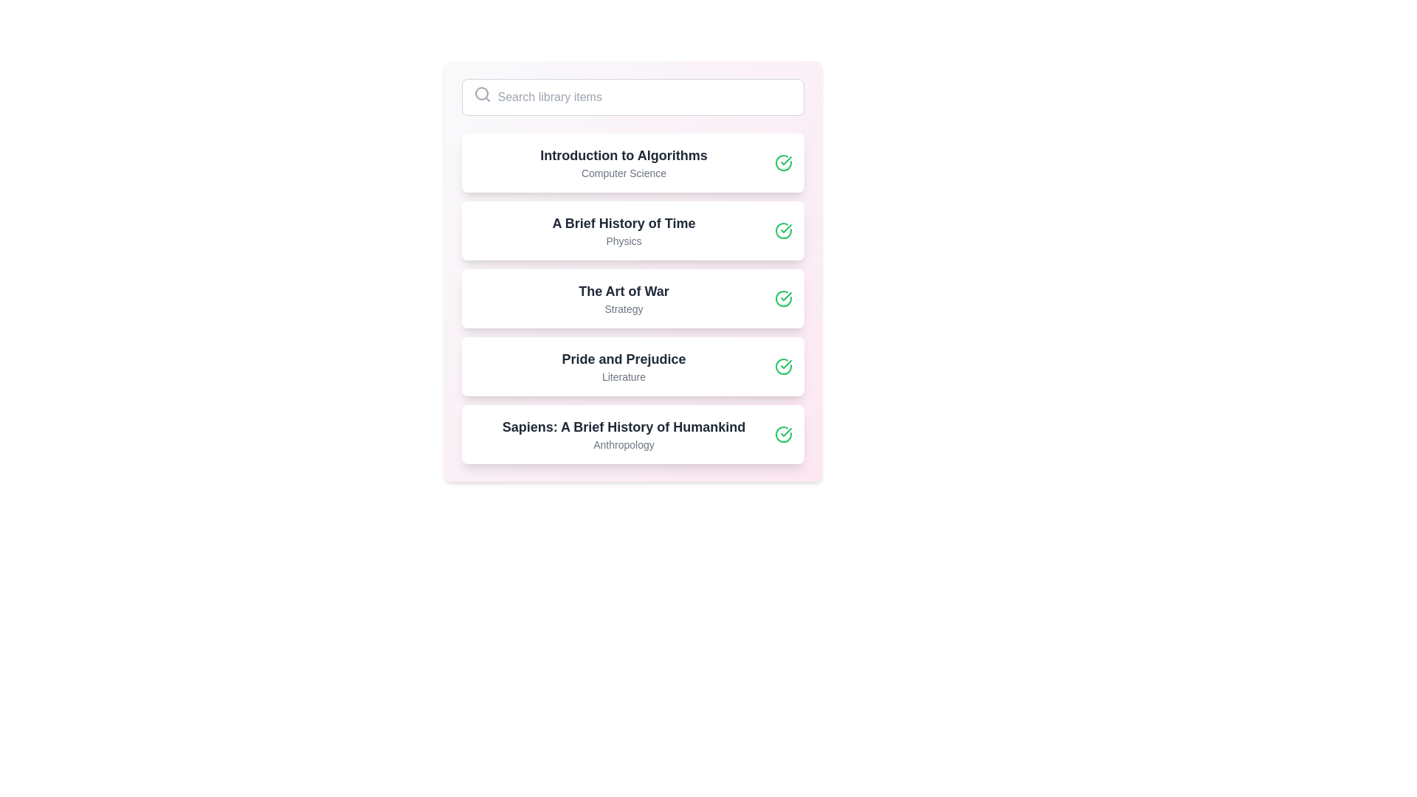 Image resolution: width=1417 pixels, height=797 pixels. What do you see at coordinates (482, 94) in the screenshot?
I see `the search icon located at the extreme left side of the text input field` at bounding box center [482, 94].